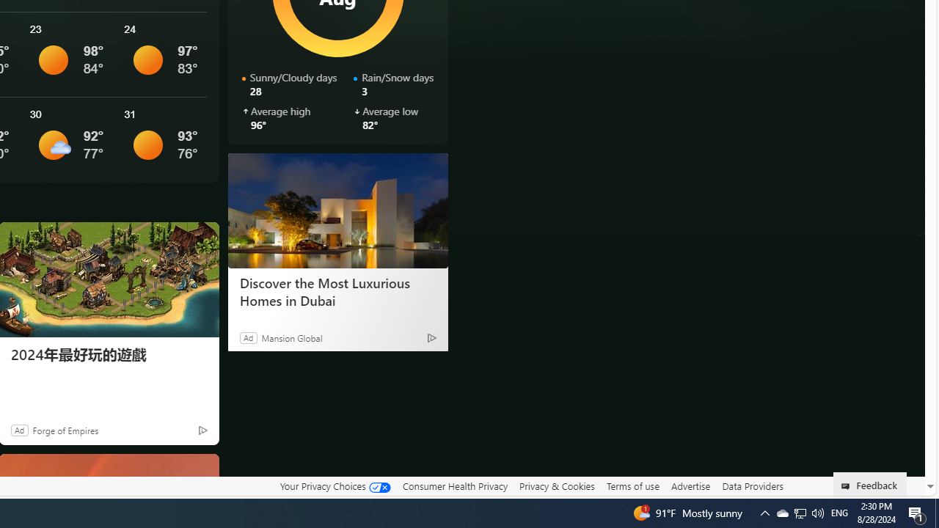 Image resolution: width=939 pixels, height=528 pixels. I want to click on 'Advertise', so click(690, 486).